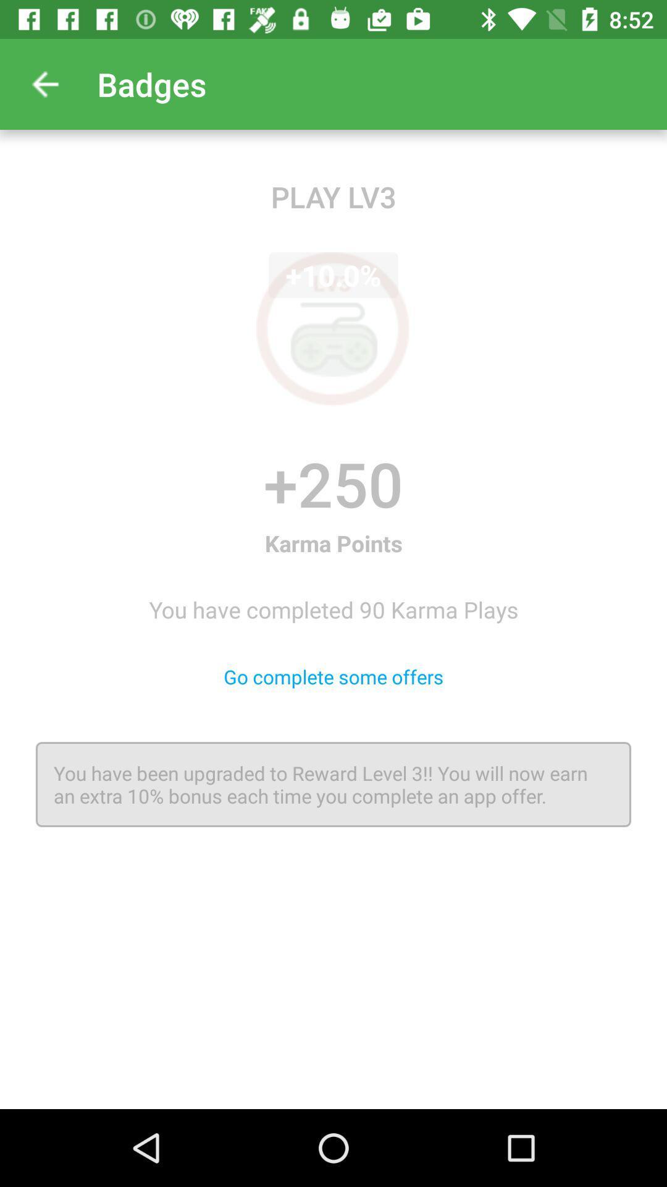  What do you see at coordinates (333, 676) in the screenshot?
I see `item above the you have been` at bounding box center [333, 676].